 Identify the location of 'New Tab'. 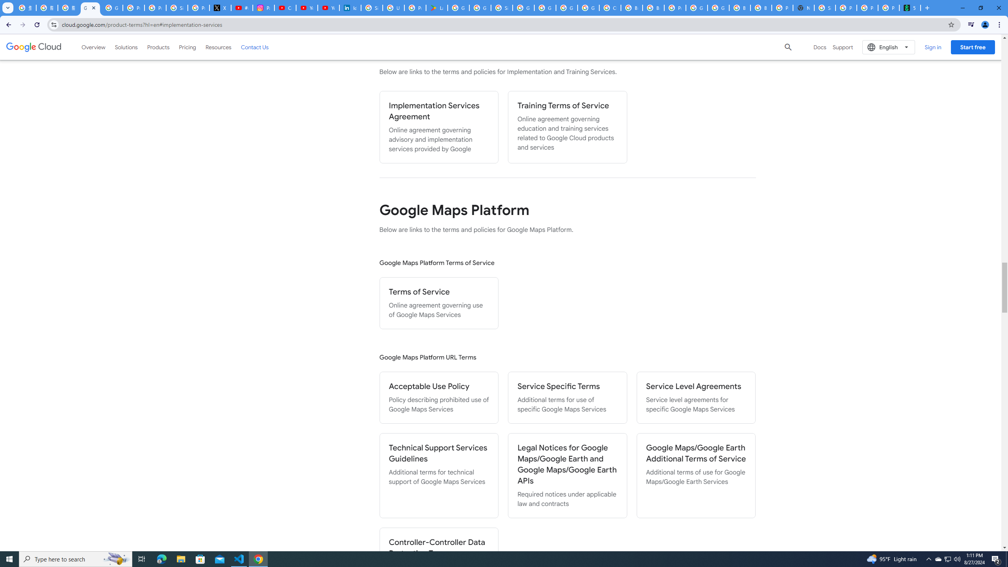
(803, 7).